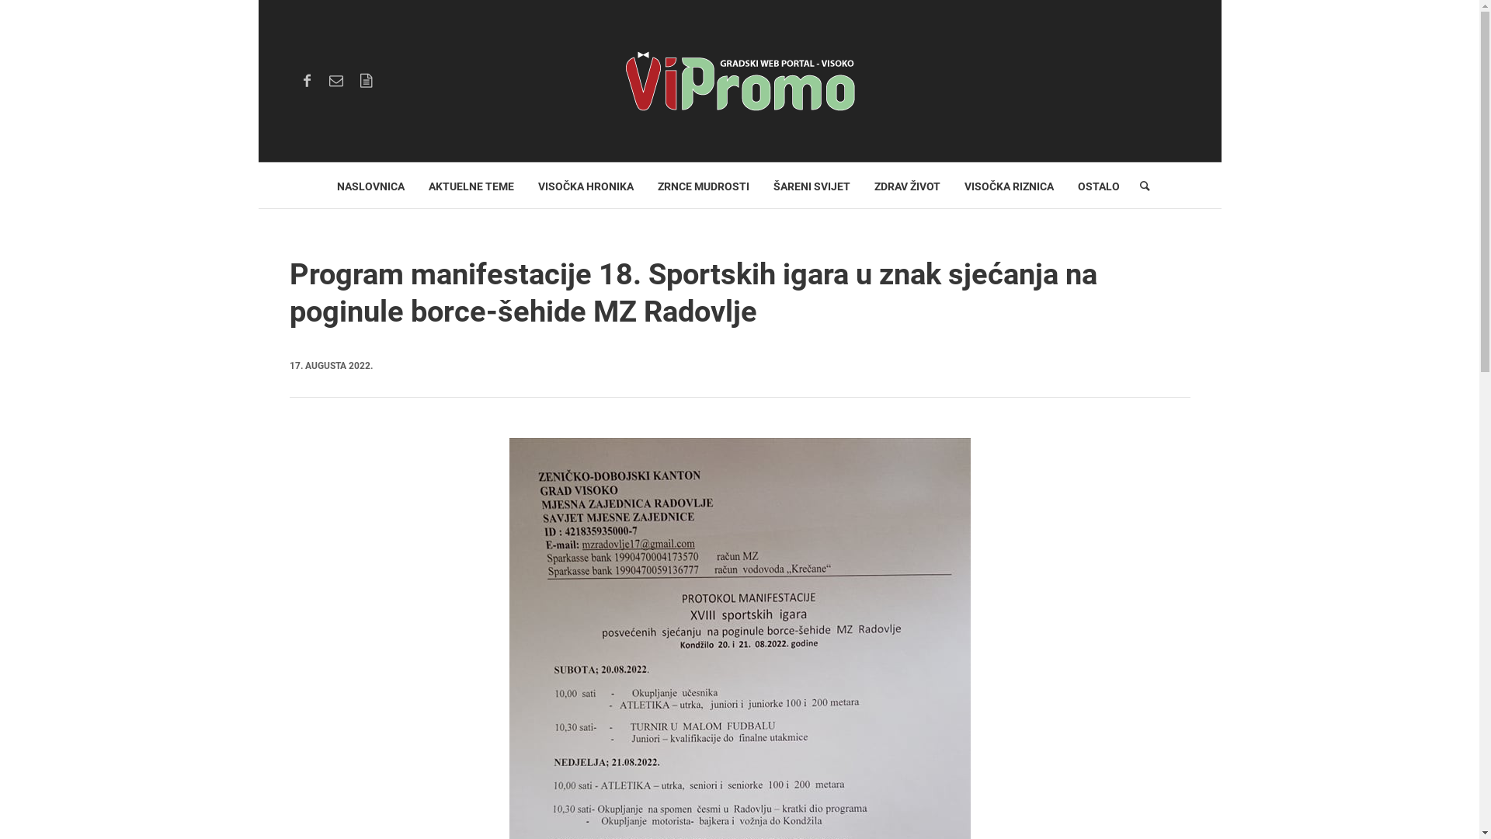 Image resolution: width=1491 pixels, height=839 pixels. What do you see at coordinates (703, 184) in the screenshot?
I see `'ZRNCE MUDROSTI'` at bounding box center [703, 184].